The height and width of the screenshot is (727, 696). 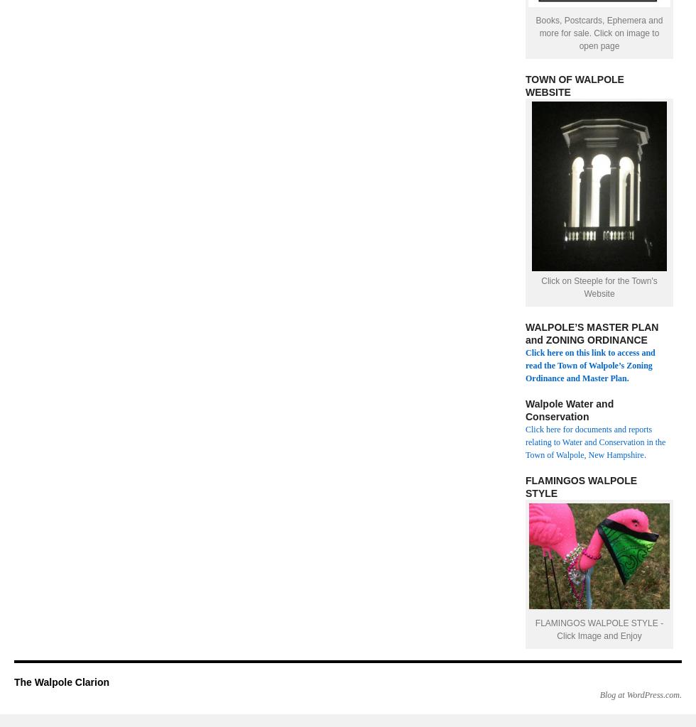 What do you see at coordinates (574, 86) in the screenshot?
I see `'TOWN OF WALPOLE WEBSITE'` at bounding box center [574, 86].